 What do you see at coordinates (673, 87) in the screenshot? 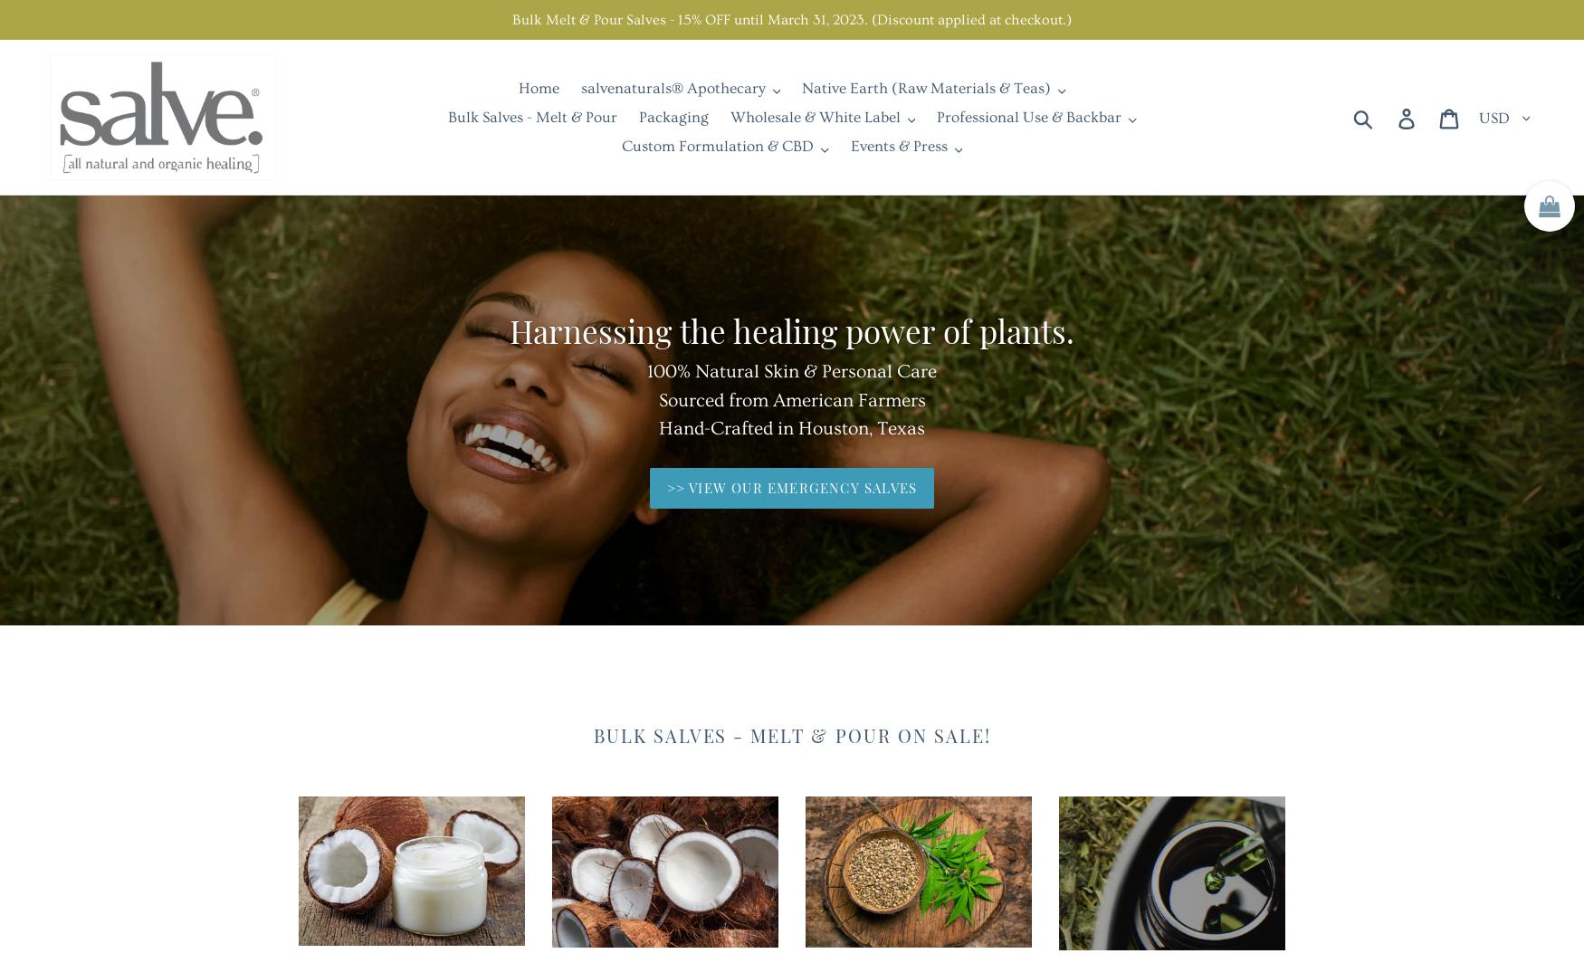
I see `'salvenaturals® Apothecary'` at bounding box center [673, 87].